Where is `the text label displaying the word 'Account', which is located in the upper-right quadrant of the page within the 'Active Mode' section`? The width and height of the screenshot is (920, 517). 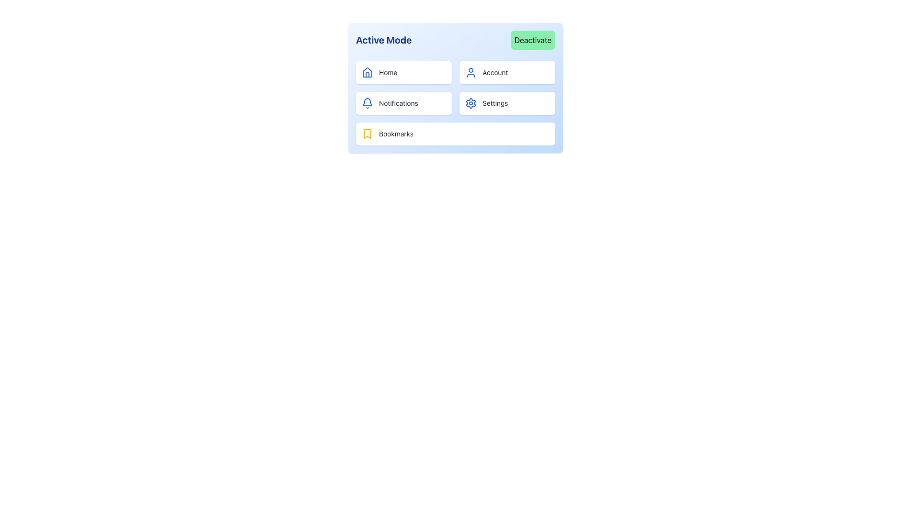
the text label displaying the word 'Account', which is located in the upper-right quadrant of the page within the 'Active Mode' section is located at coordinates (495, 72).